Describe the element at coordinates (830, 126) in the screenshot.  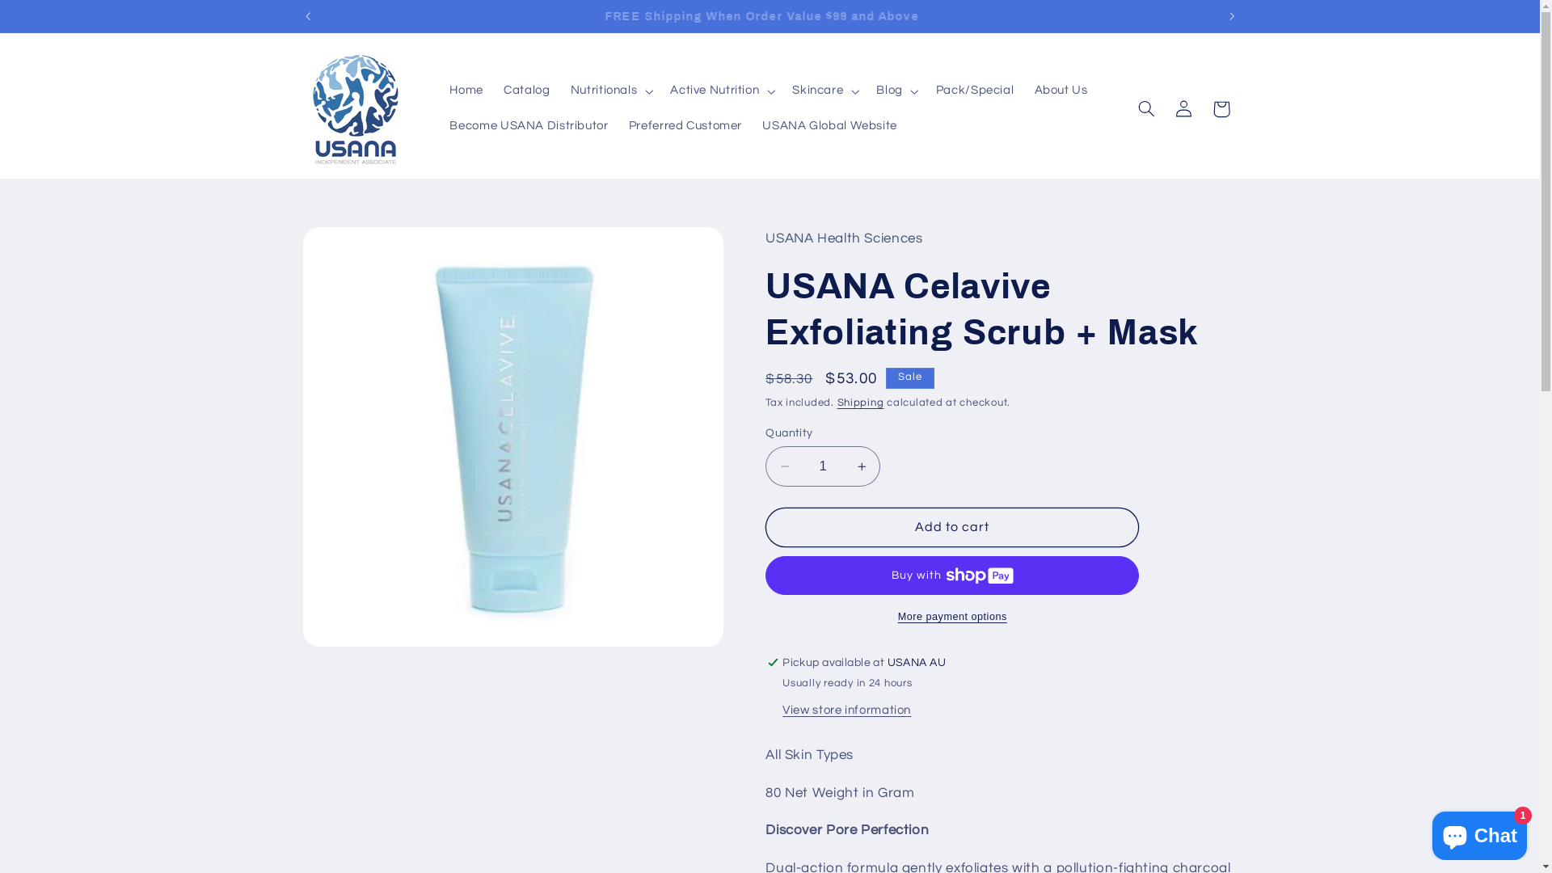
I see `'USANA Global Website'` at that location.